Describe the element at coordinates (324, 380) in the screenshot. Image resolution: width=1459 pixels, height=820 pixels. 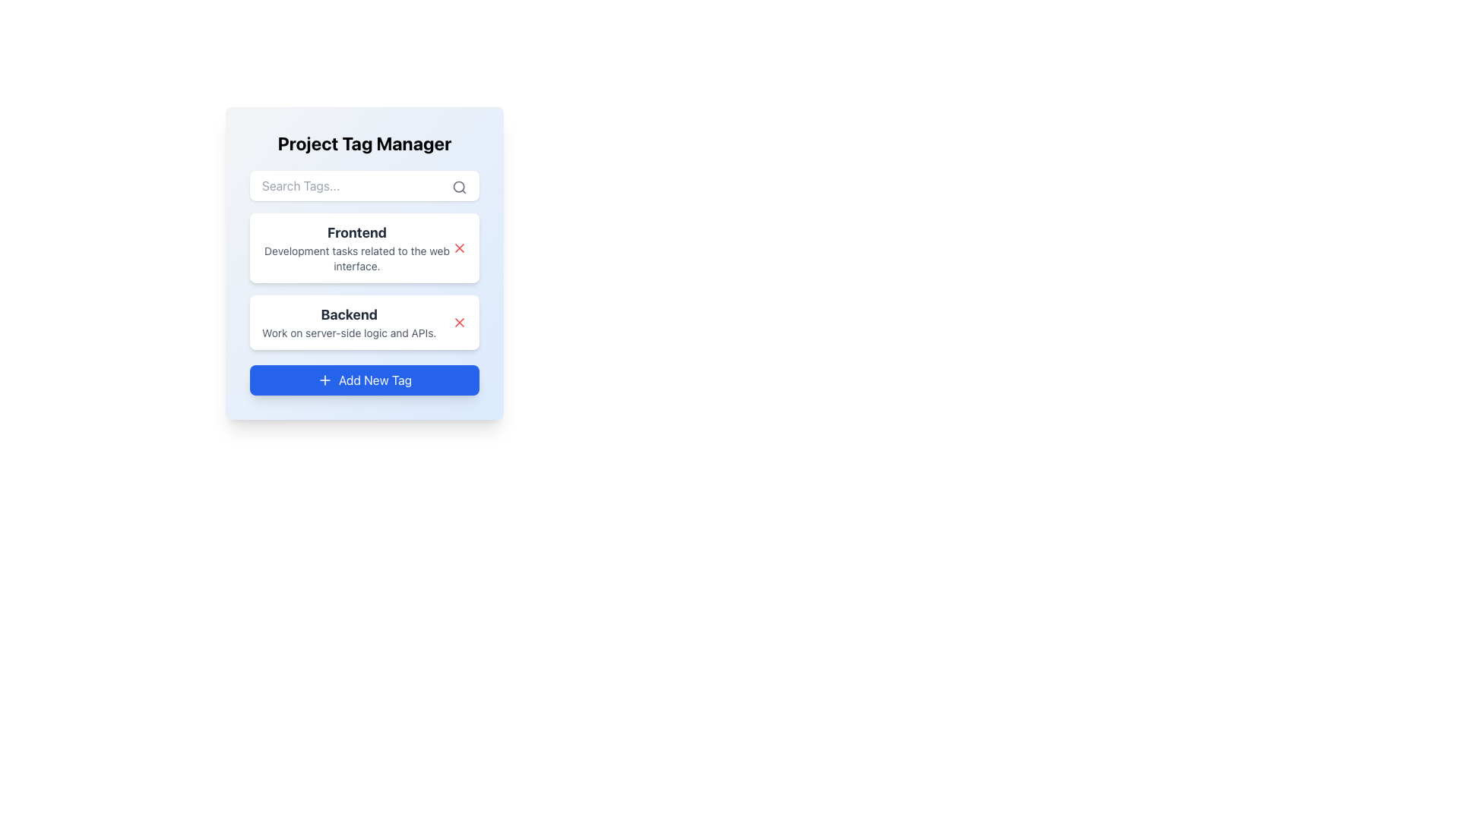
I see `the 'Add New Tag' button which contains the icon indicating the addition of a new tag, located at the bottom of the card interface` at that location.